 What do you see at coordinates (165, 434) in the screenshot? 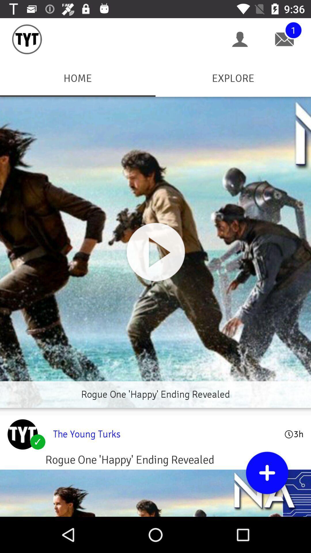
I see `the item to the left of 3h icon` at bounding box center [165, 434].